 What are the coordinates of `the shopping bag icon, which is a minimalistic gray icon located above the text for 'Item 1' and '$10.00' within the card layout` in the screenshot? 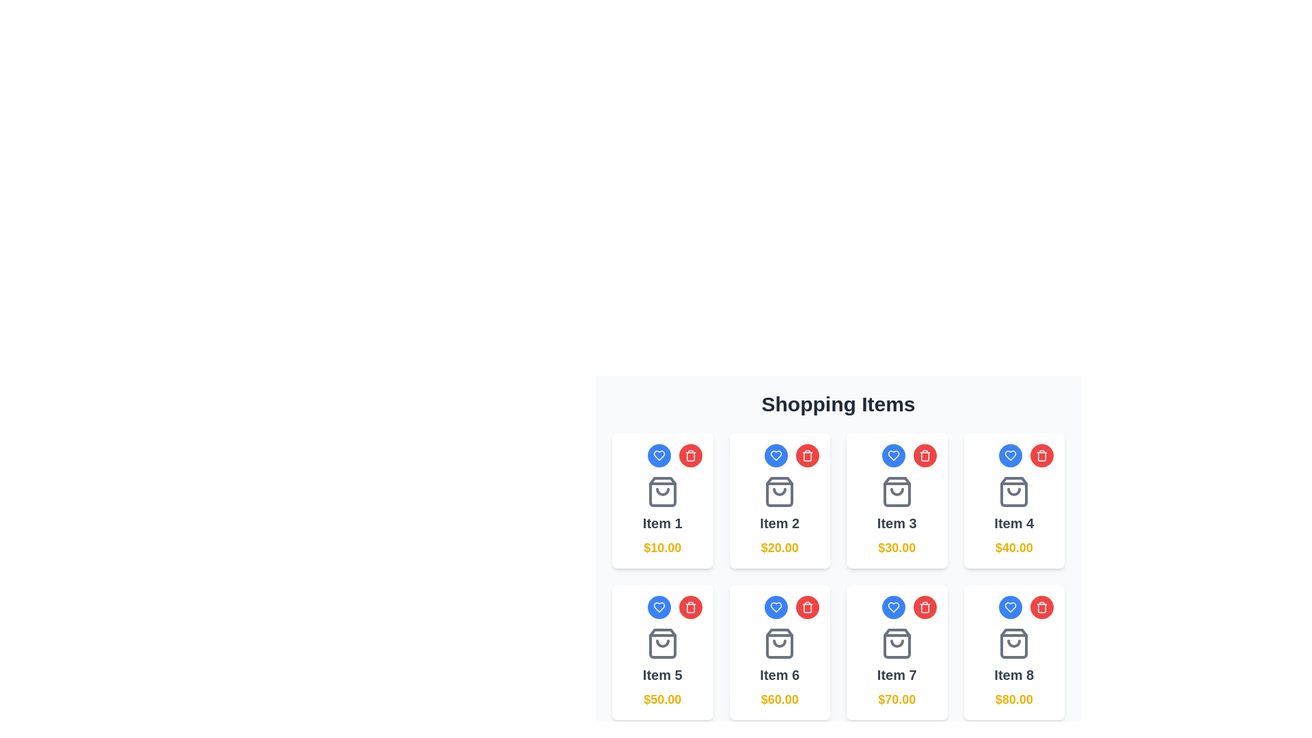 It's located at (662, 492).